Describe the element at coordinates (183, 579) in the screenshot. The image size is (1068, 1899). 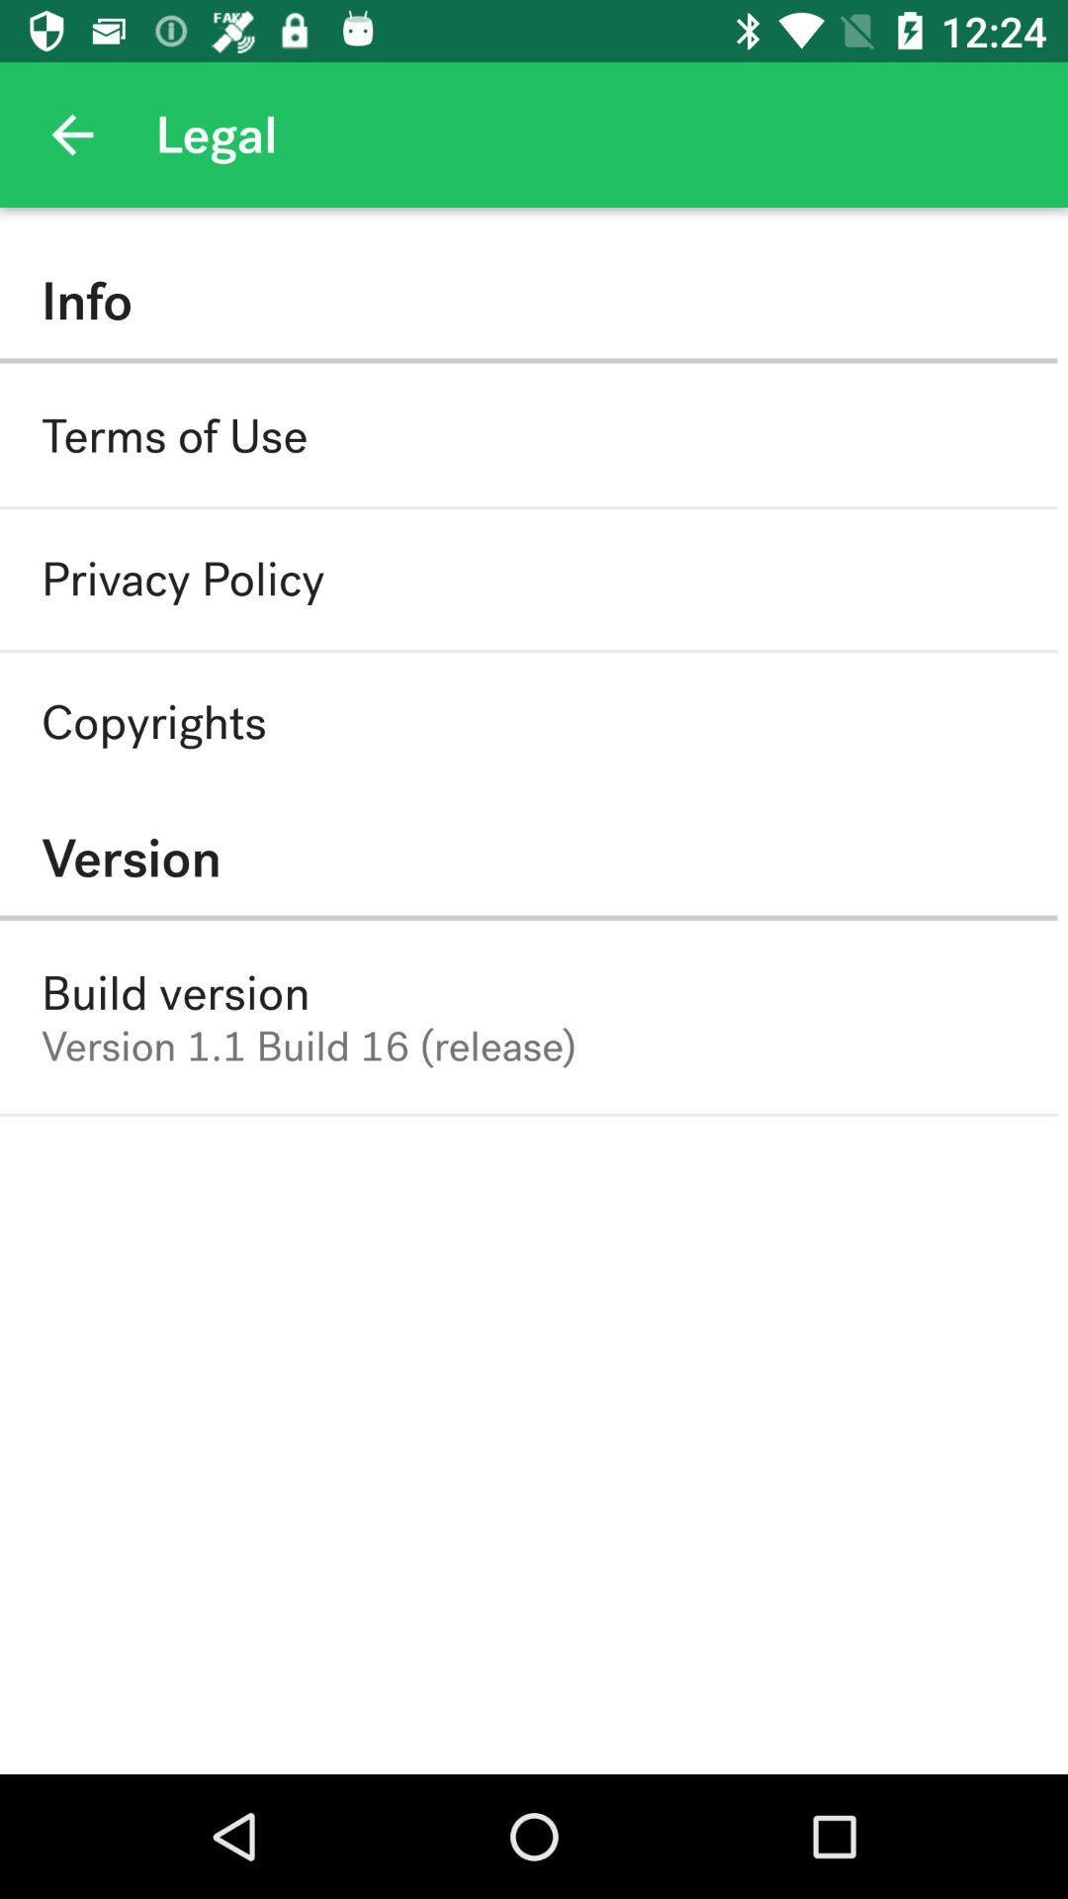
I see `item below terms of use` at that location.